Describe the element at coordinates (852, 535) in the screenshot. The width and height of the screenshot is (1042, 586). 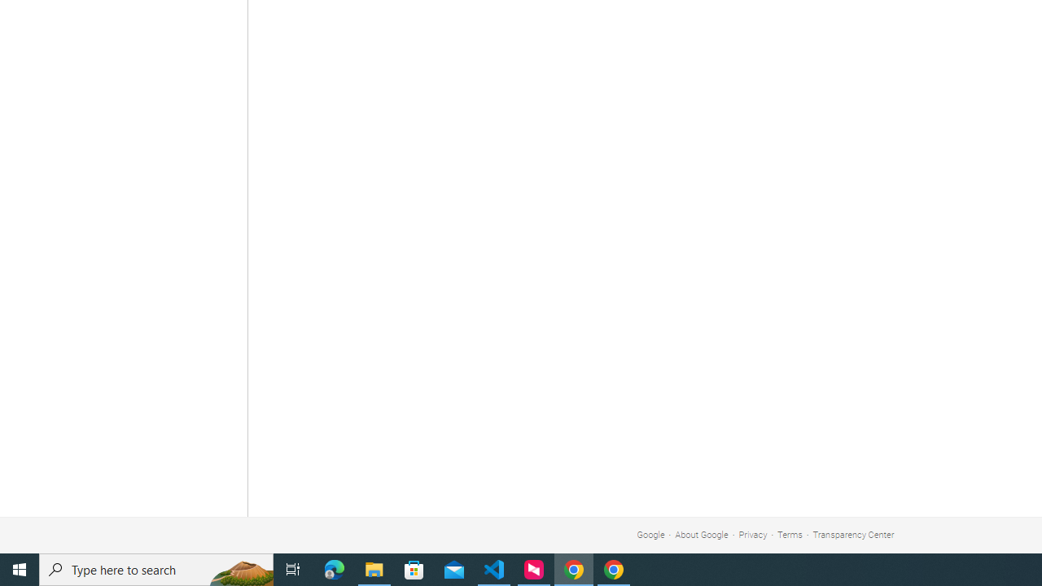
I see `'Transparency Center'` at that location.